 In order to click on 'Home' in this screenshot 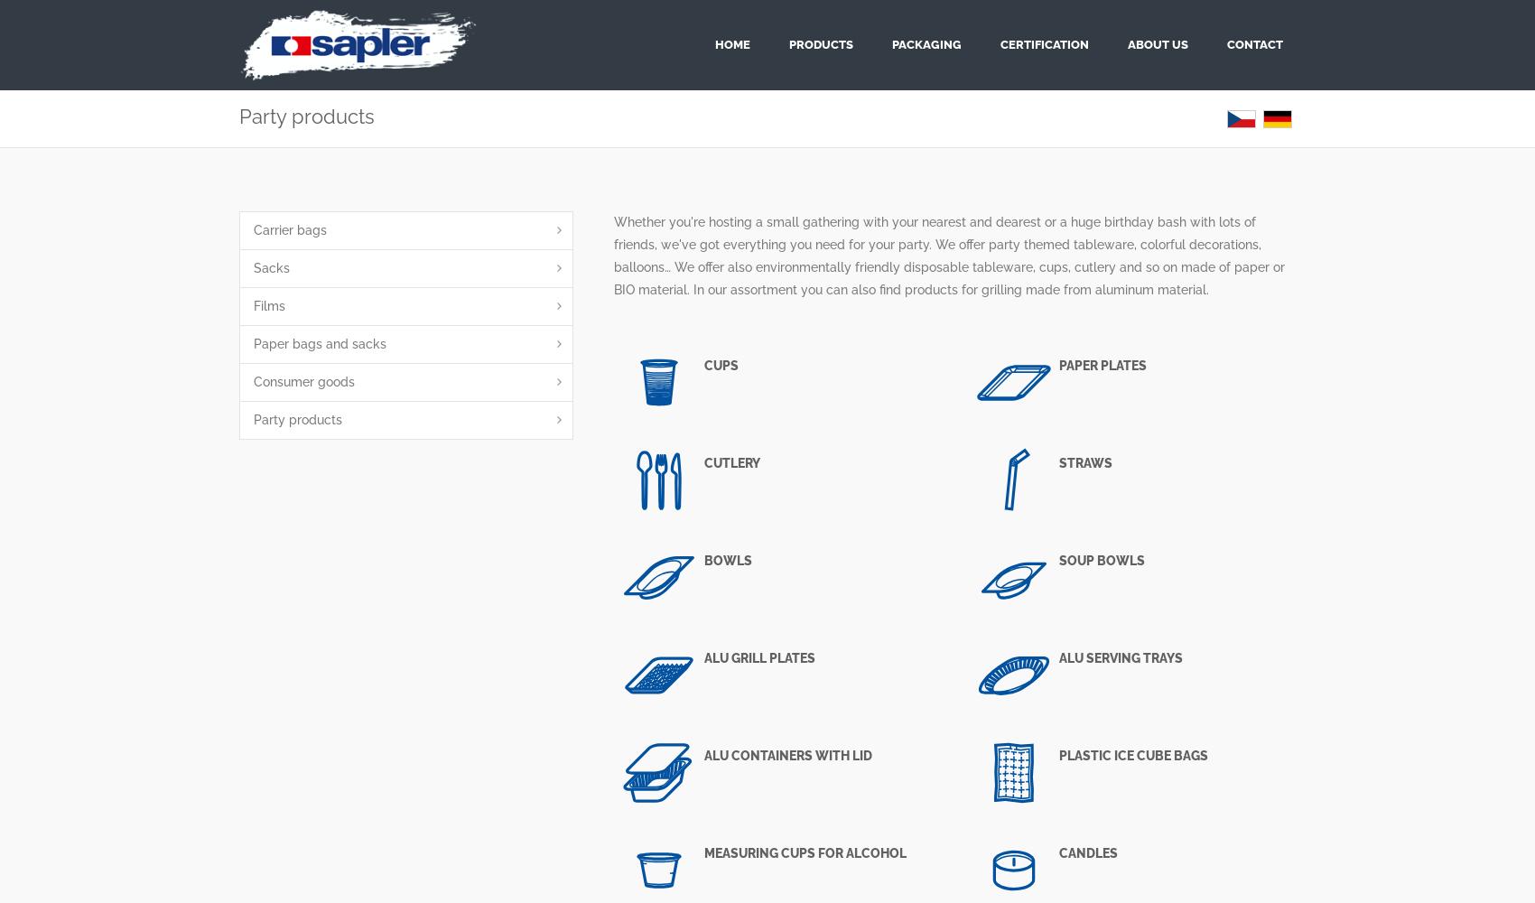, I will do `click(731, 44)`.